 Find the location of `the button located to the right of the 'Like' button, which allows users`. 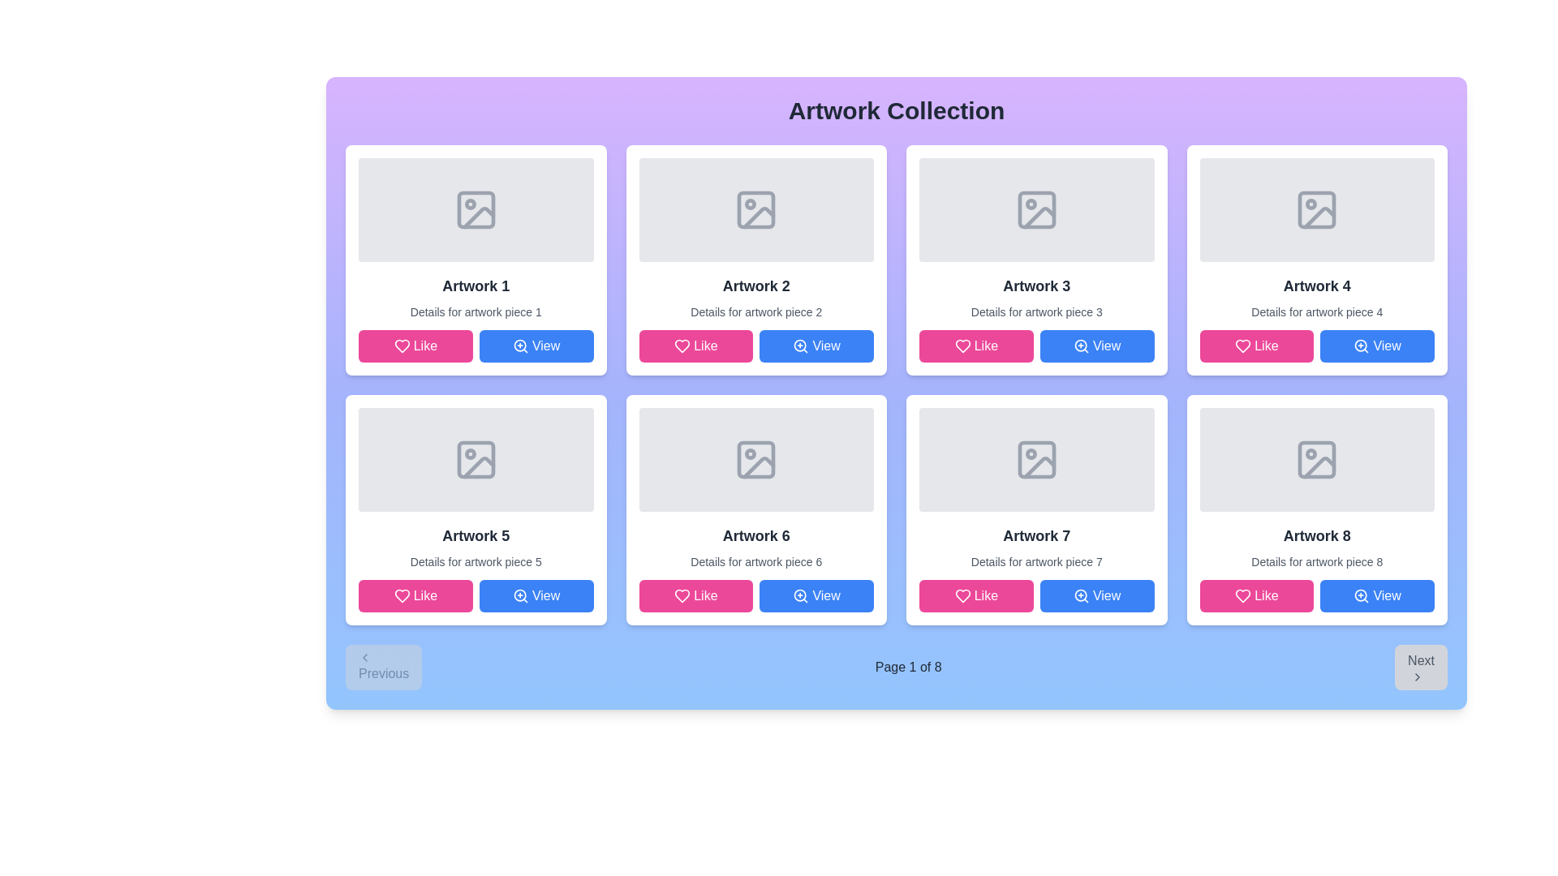

the button located to the right of the 'Like' button, which allows users is located at coordinates (536, 346).